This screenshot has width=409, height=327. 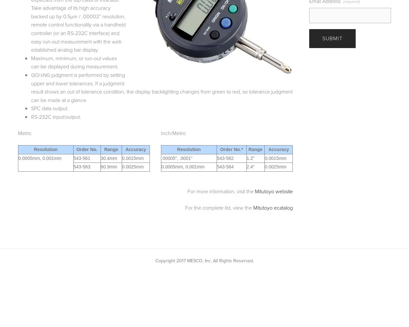 I want to click on 'GO/±NG judgment is performed by setting upper and lower tolerances. If a judgment result shows an out of tolerance condition, the display backlighting changes from green to red, so tolerance judgment can be made at a glance.', so click(x=161, y=87).